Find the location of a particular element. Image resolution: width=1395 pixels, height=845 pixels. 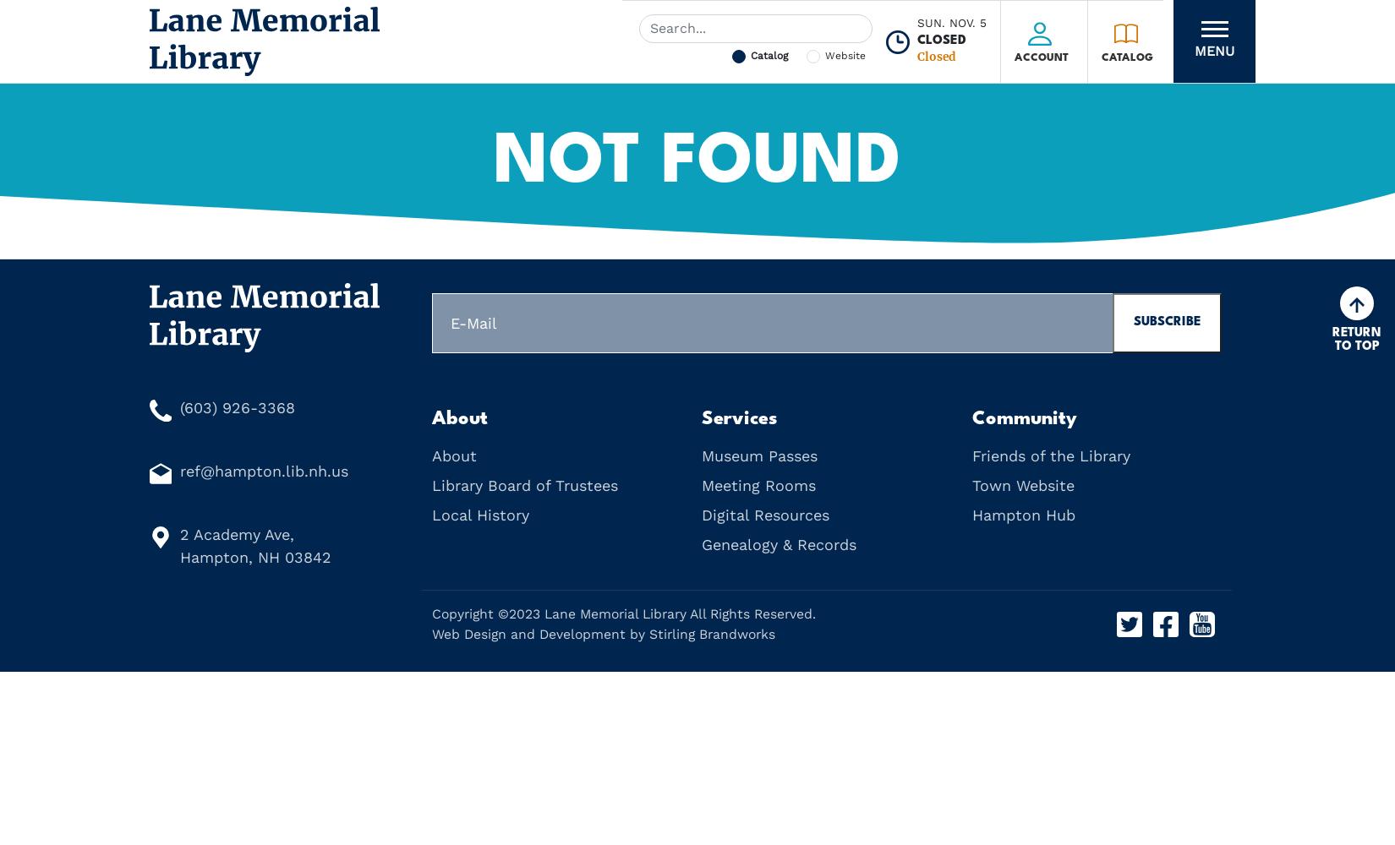

'to Top' is located at coordinates (1355, 346).